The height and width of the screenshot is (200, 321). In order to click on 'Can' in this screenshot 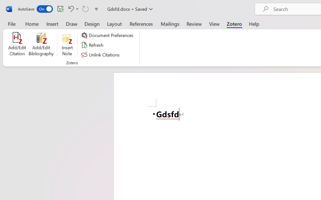, I will do `click(86, 8)`.